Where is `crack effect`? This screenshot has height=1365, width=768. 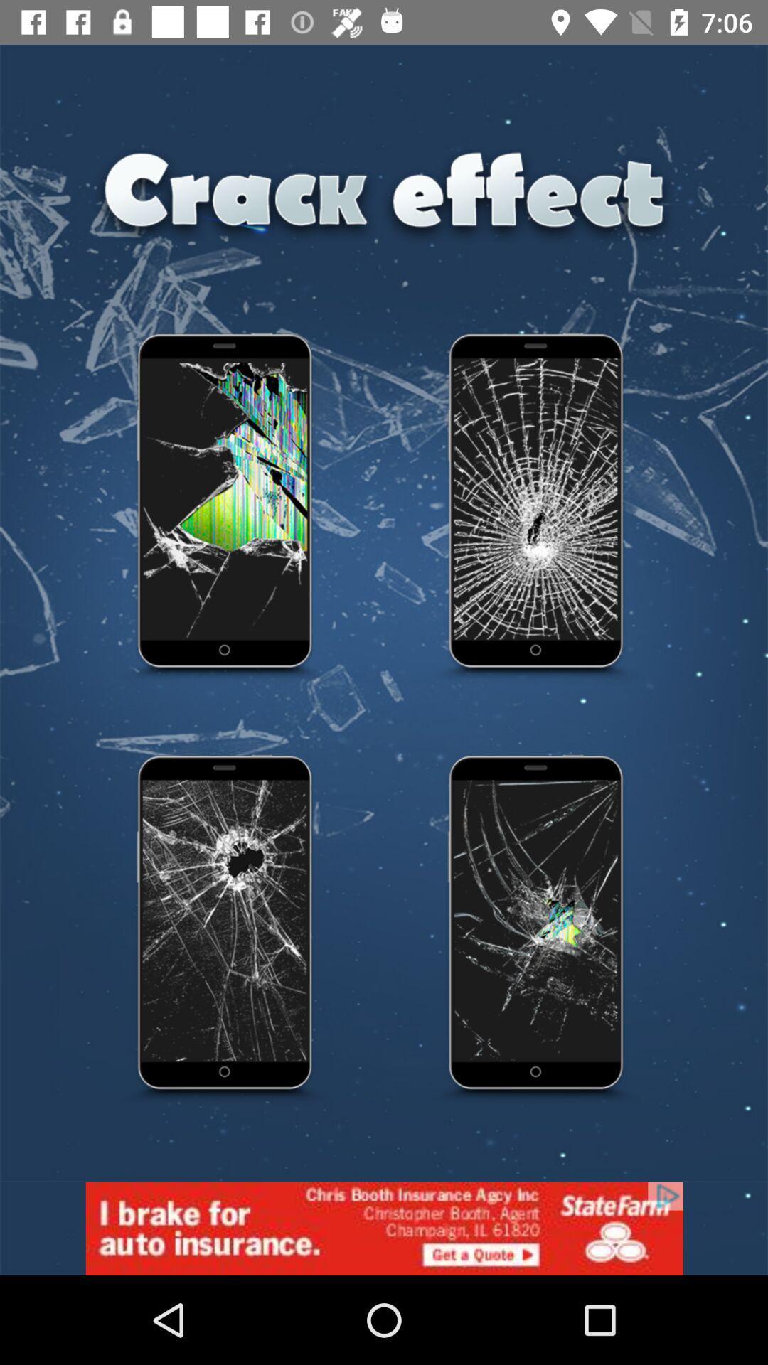
crack effect is located at coordinates (537, 508).